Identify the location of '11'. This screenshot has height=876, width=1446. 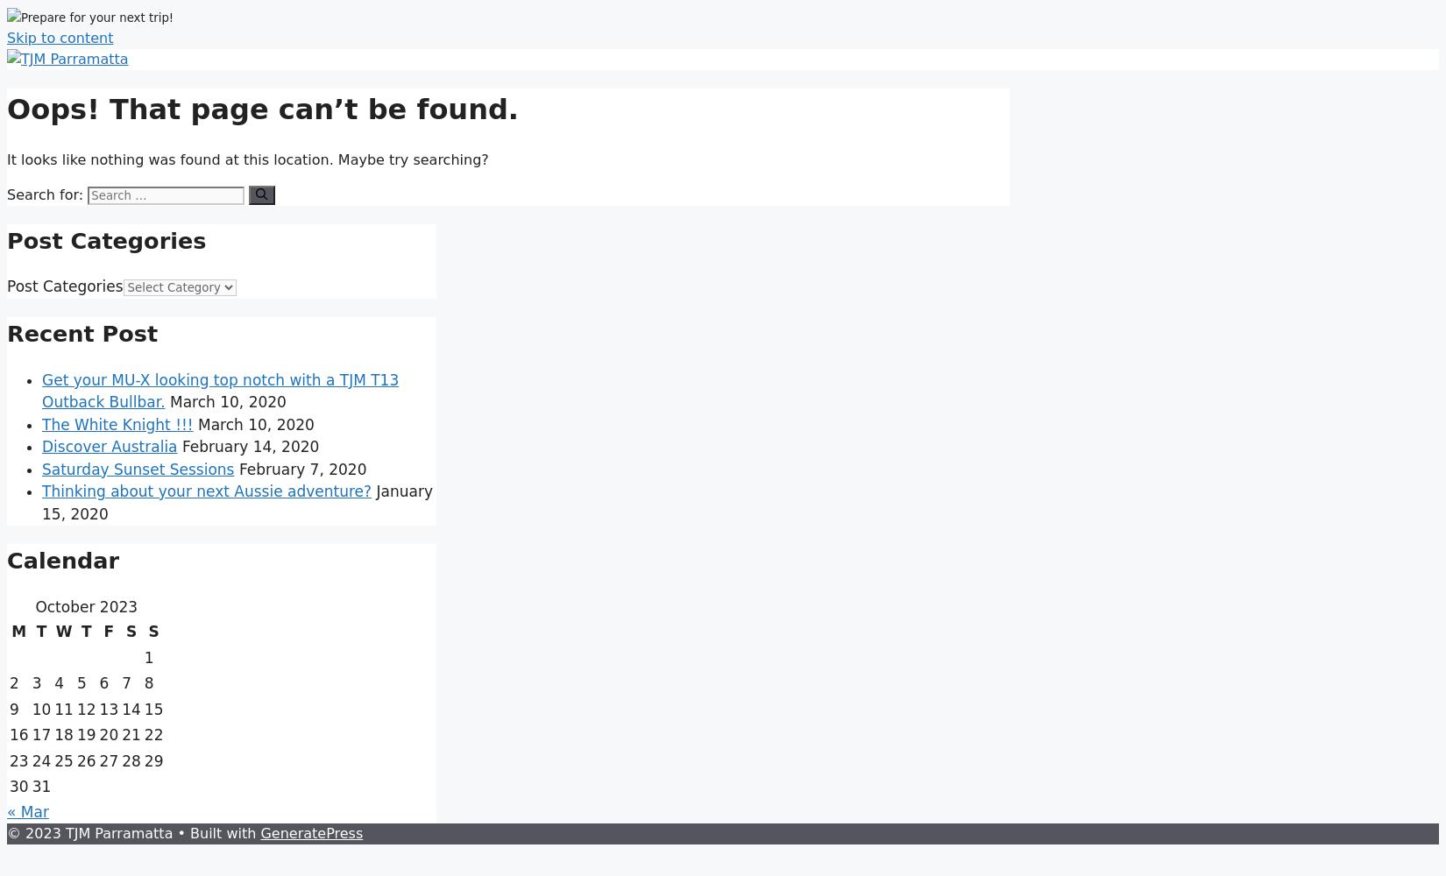
(63, 709).